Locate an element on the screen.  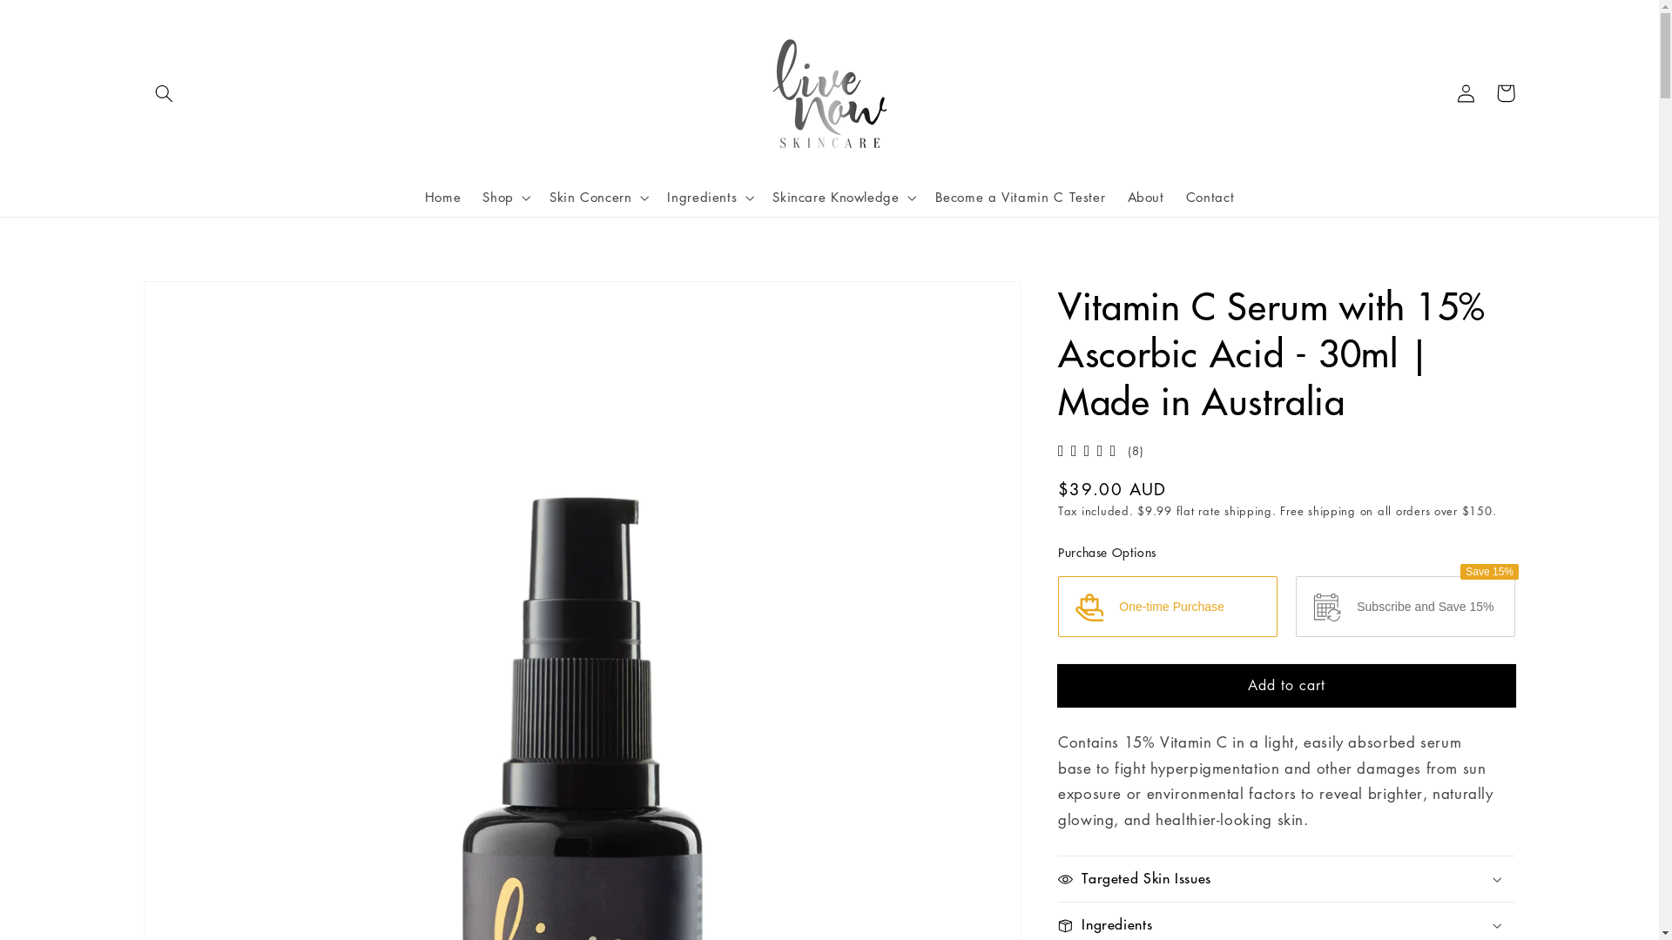
'About' is located at coordinates (1116, 197).